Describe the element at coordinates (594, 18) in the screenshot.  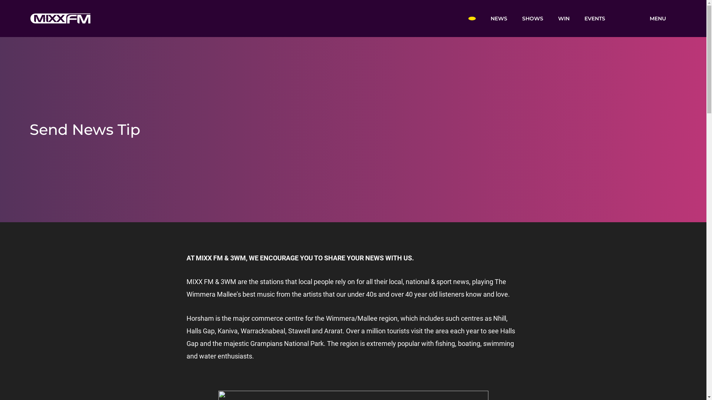
I see `'EVENTS'` at that location.